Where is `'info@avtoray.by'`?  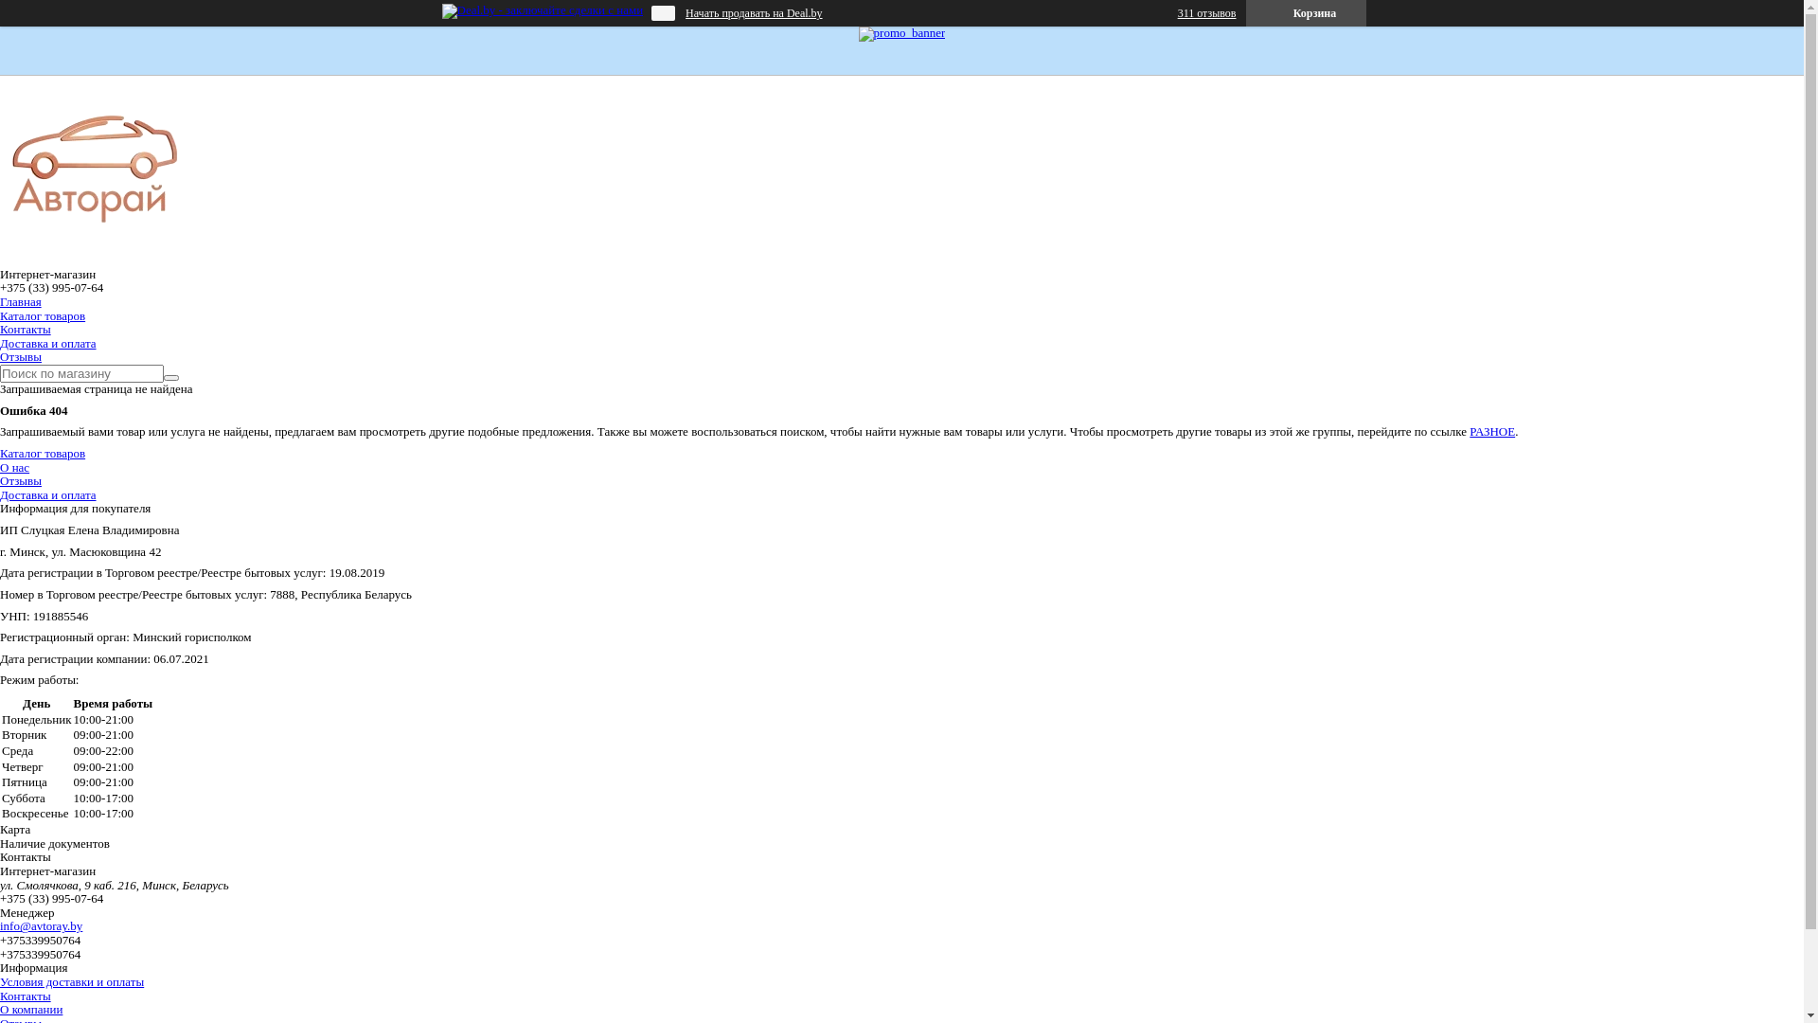
'info@avtoray.by' is located at coordinates (0, 924).